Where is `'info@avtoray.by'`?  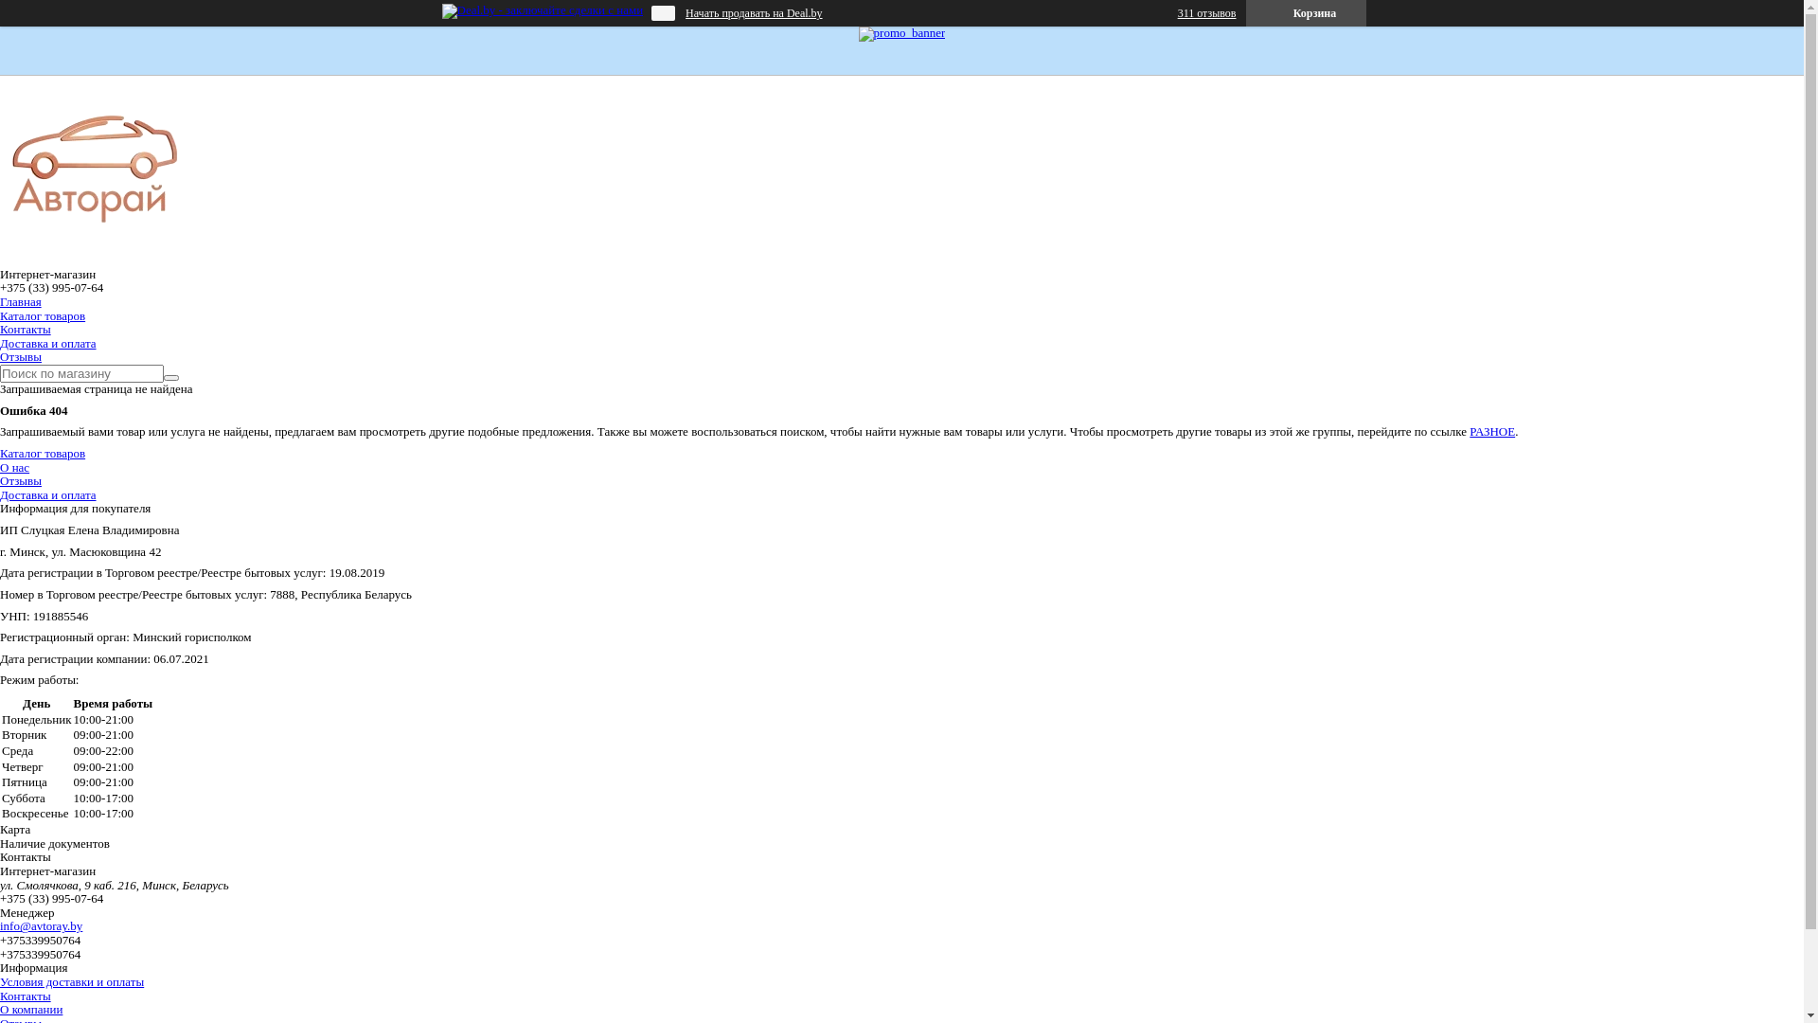
'info@avtoray.by' is located at coordinates (0, 924).